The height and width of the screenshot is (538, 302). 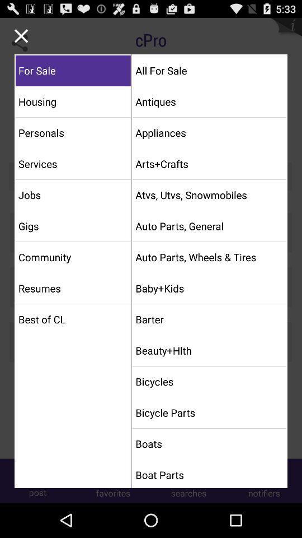 What do you see at coordinates (209, 444) in the screenshot?
I see `the boats item` at bounding box center [209, 444].